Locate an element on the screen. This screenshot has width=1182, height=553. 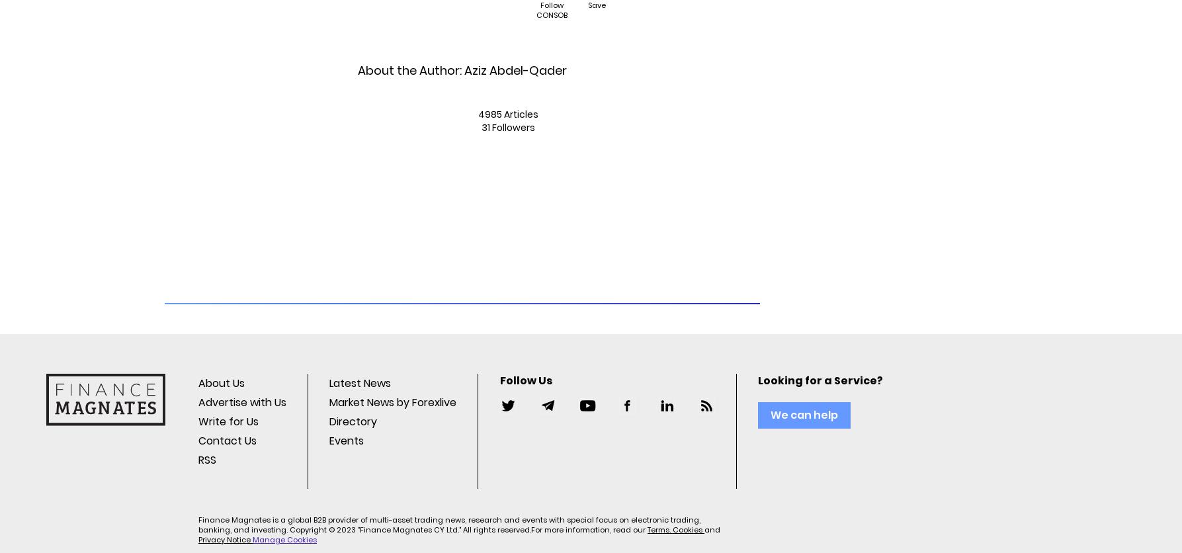
'RSS' is located at coordinates (206, 460).